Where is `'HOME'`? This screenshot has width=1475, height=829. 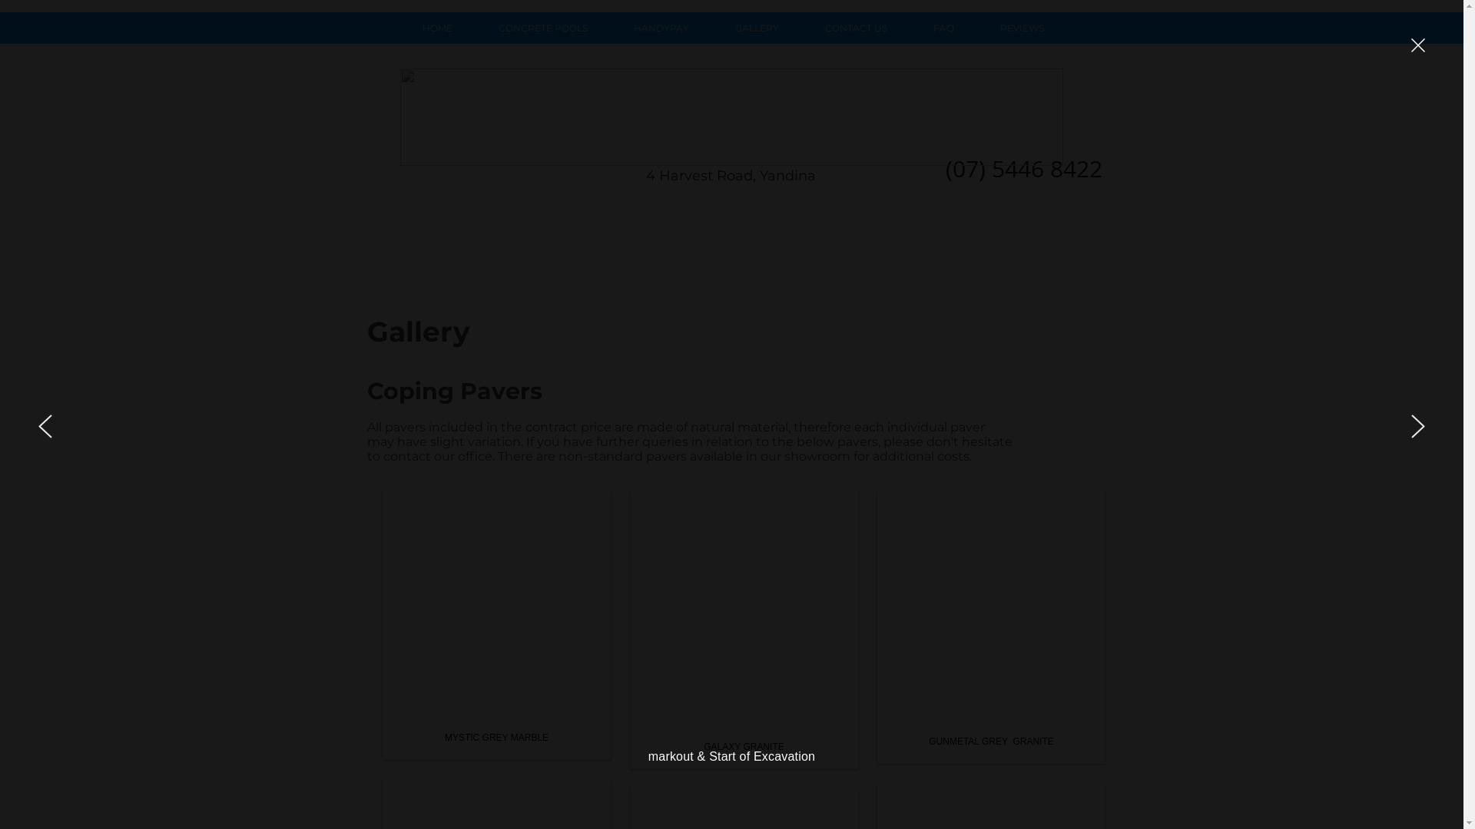
'HOME' is located at coordinates (436, 28).